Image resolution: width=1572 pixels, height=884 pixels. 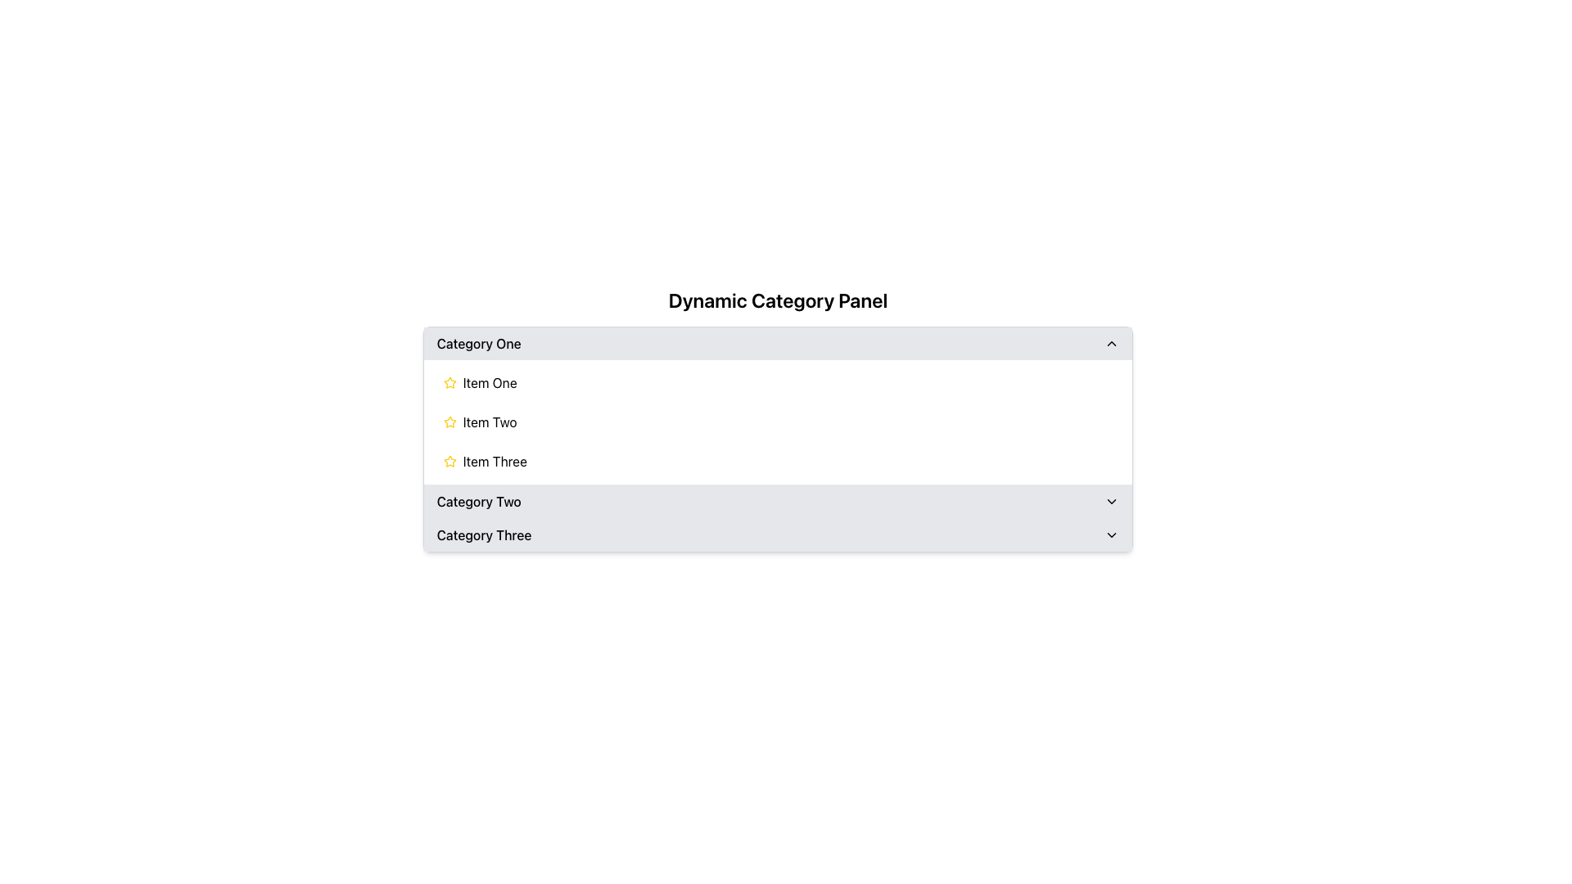 What do you see at coordinates (483, 535) in the screenshot?
I see `the text label indicating 'Category Three', which is located at the bottom section of a vertically stacked list of categories, to visually represent this category name and provide a clear label for associated items or actions` at bounding box center [483, 535].